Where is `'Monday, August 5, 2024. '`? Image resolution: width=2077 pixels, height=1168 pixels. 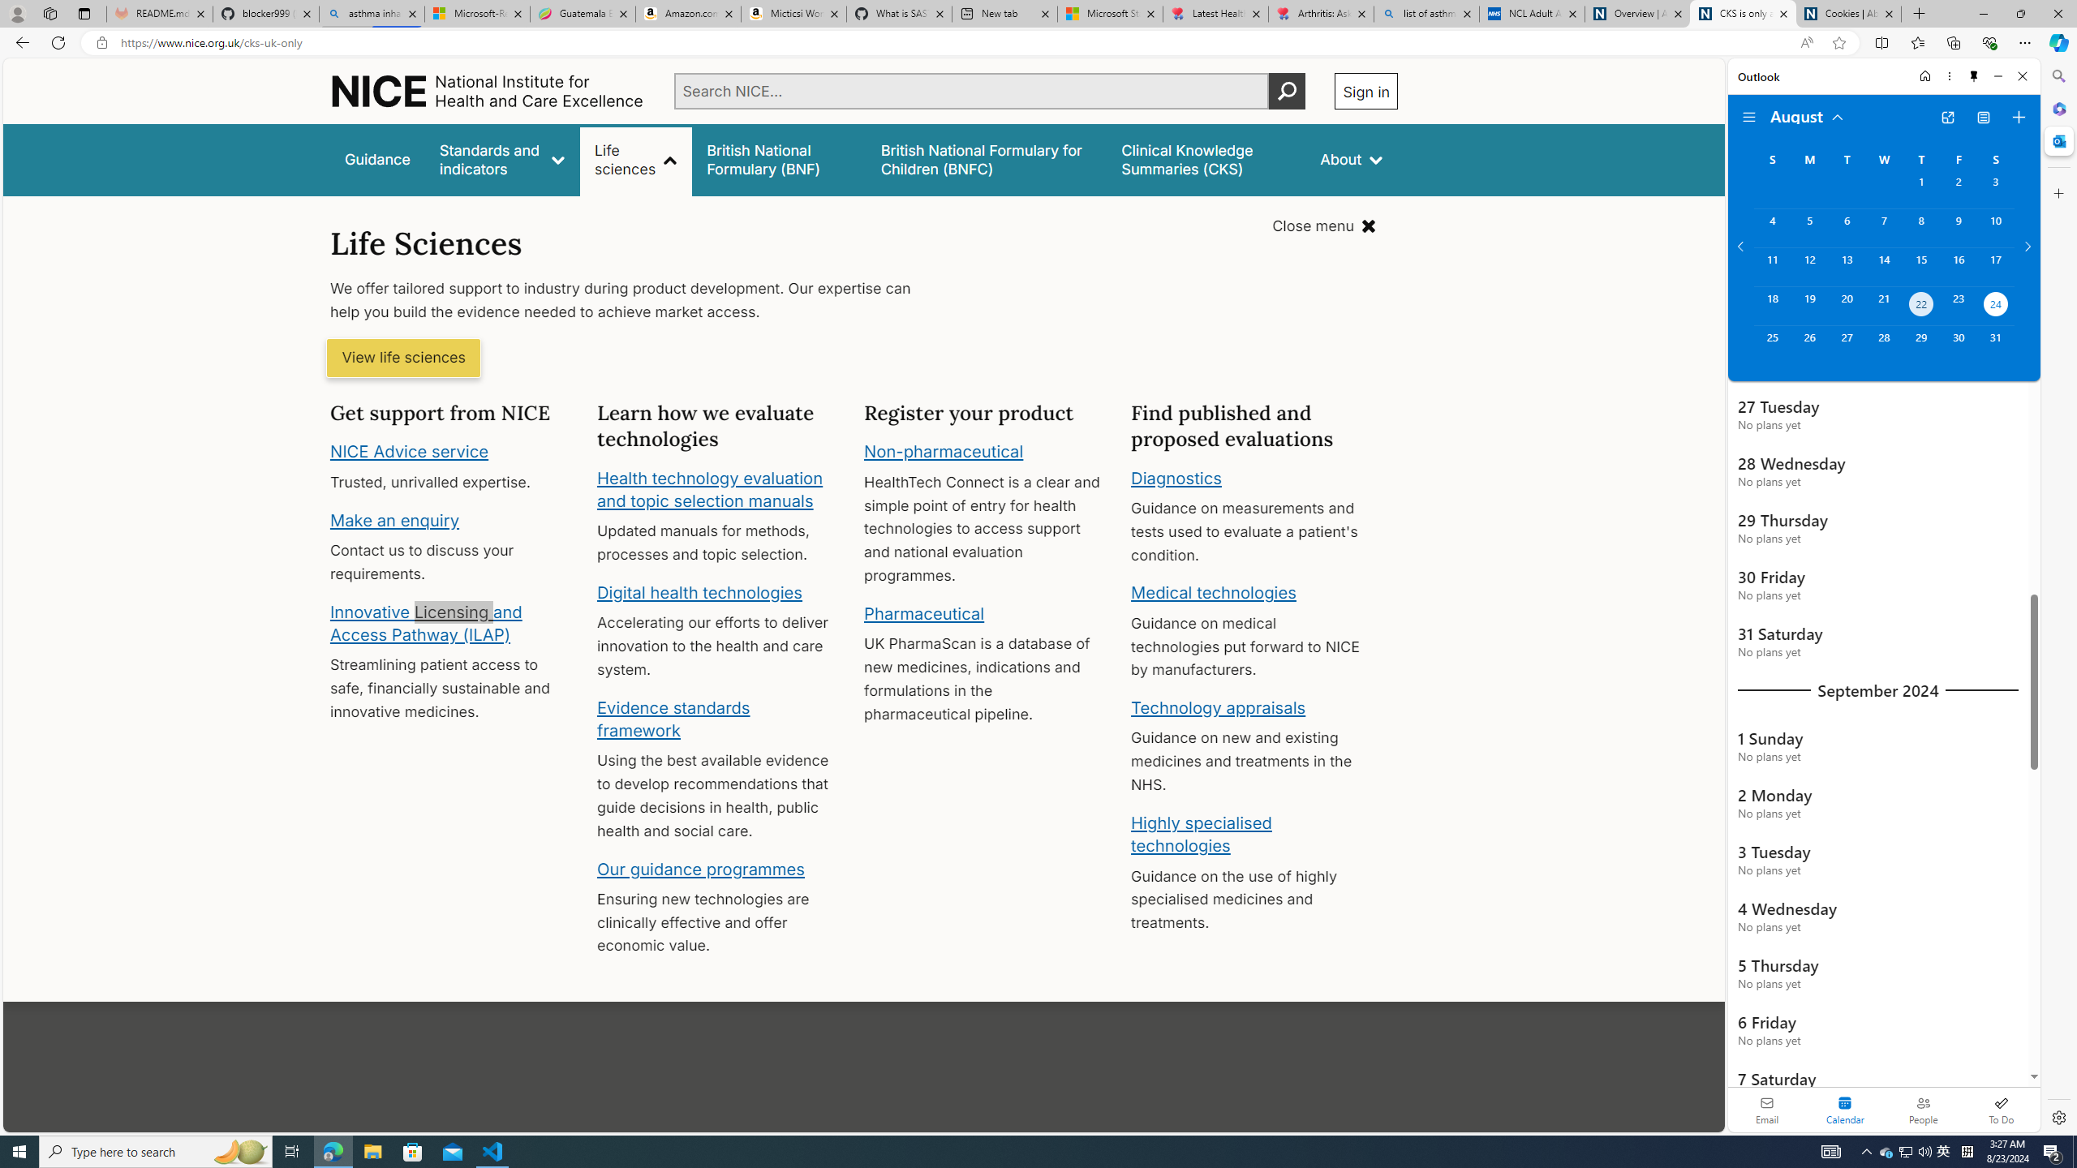 'Monday, August 5, 2024. ' is located at coordinates (1808, 227).